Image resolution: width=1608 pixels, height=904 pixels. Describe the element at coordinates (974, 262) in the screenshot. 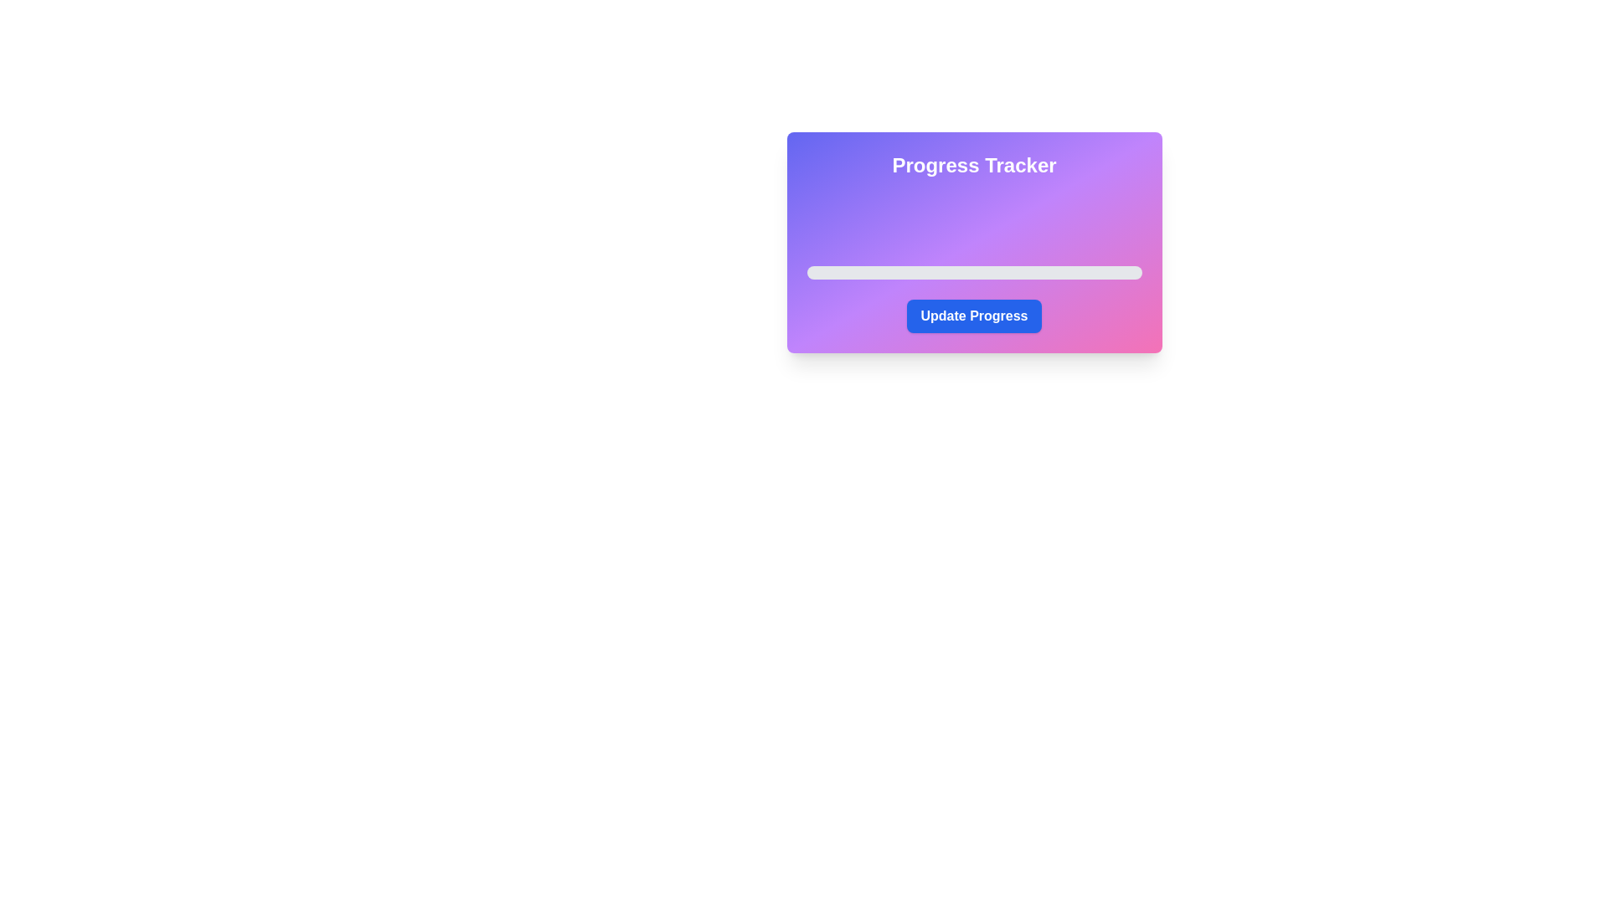

I see `the progress bar which visually represents completion percentage and is located below the circular icon within the 'Progress Tracker' card` at that location.